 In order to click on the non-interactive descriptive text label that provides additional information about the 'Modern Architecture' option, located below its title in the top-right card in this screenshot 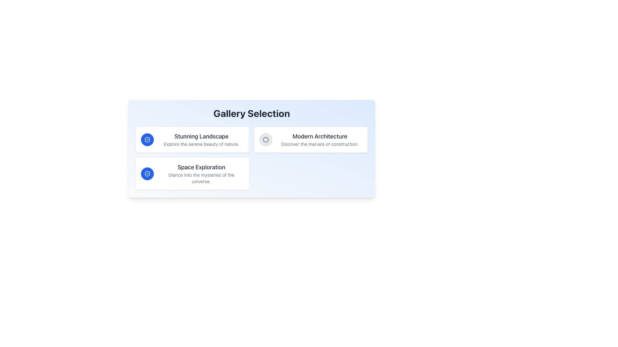, I will do `click(320, 144)`.